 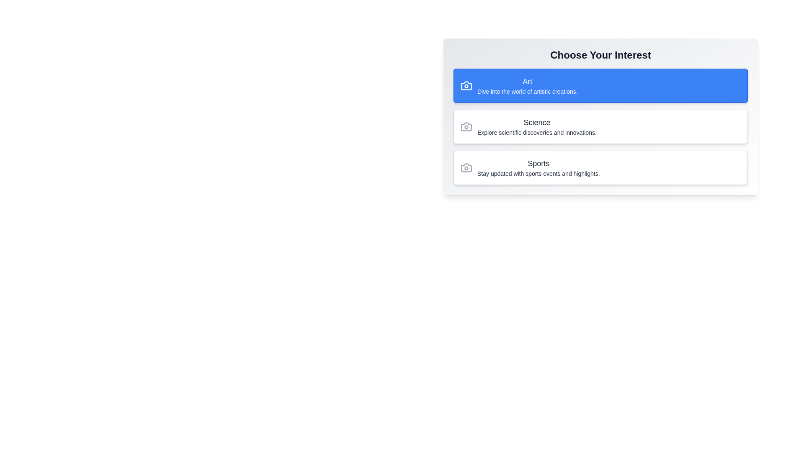 I want to click on the Sports selection card, which is the third card in a vertical list of options including 'Art' and 'Science', to trigger a style change, so click(x=600, y=168).